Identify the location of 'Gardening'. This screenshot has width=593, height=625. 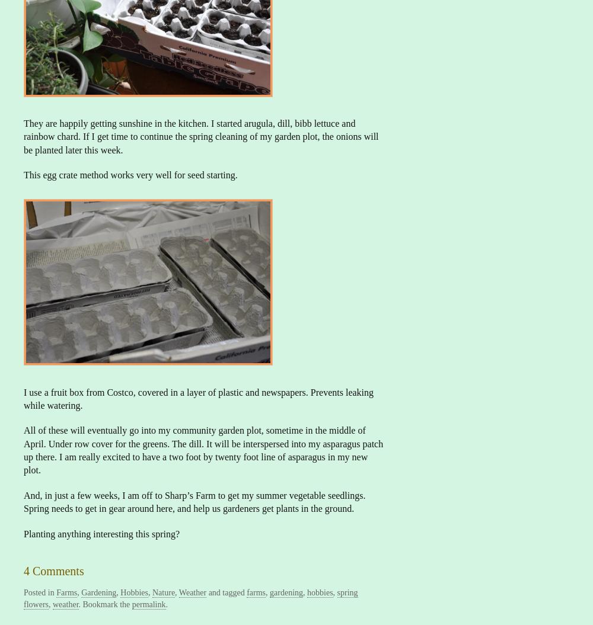
(81, 592).